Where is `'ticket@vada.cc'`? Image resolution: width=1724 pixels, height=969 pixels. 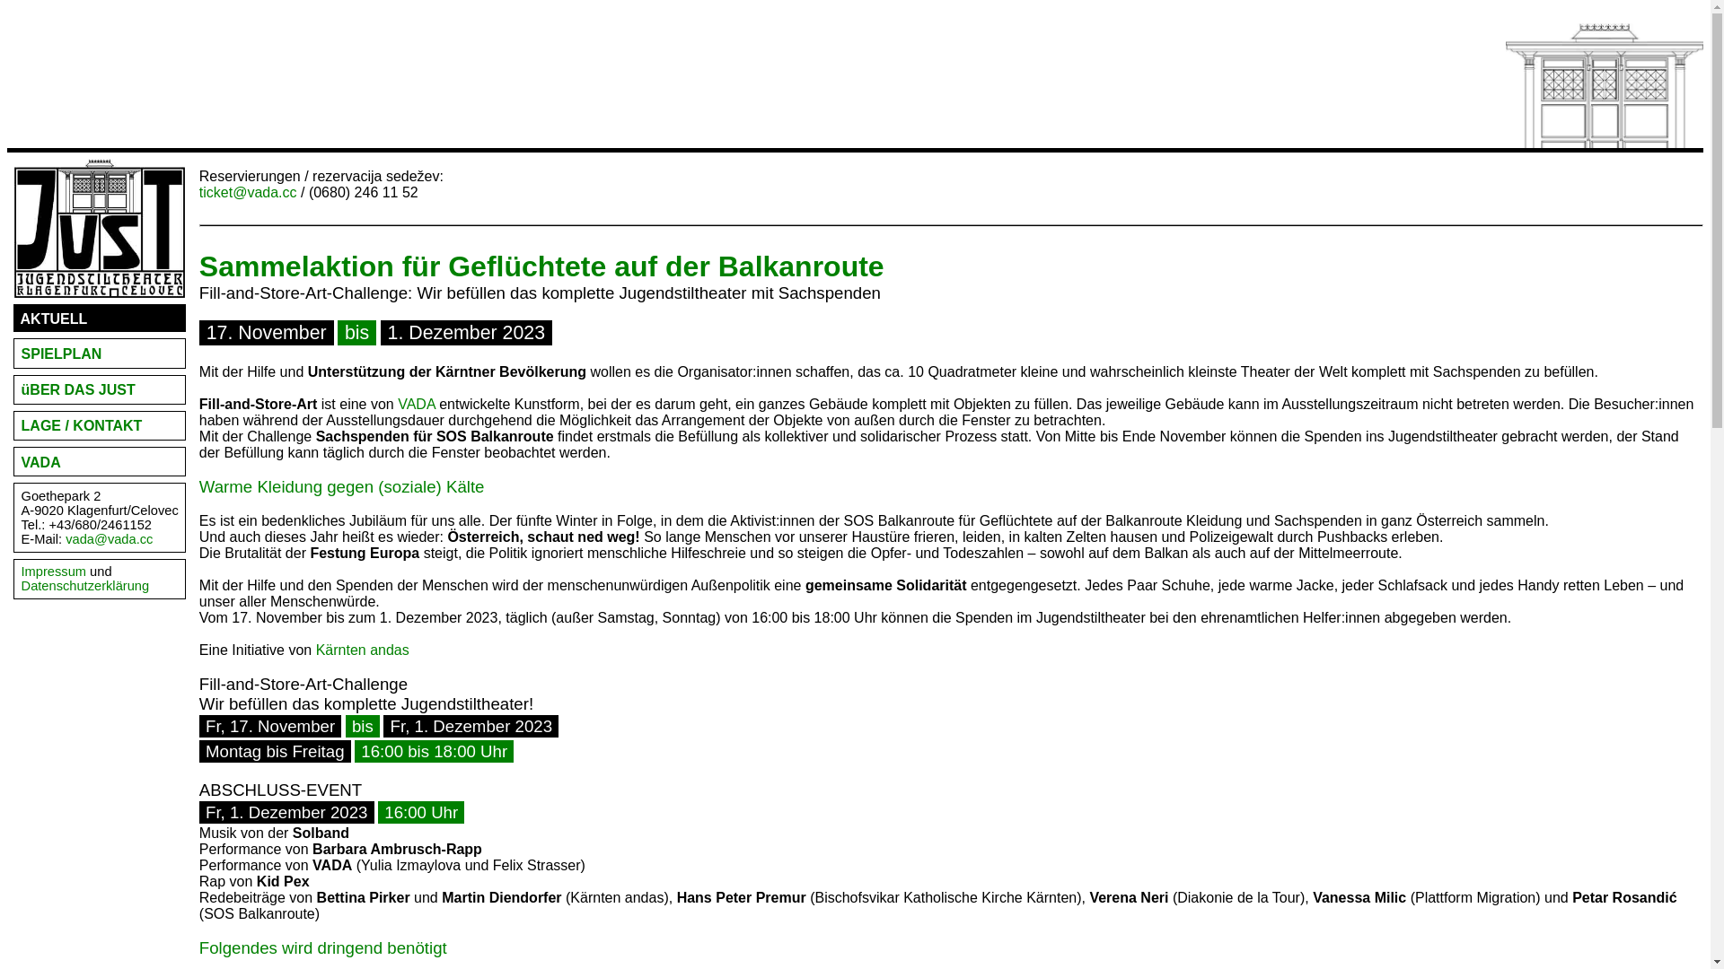
'ticket@vada.cc' is located at coordinates (247, 192).